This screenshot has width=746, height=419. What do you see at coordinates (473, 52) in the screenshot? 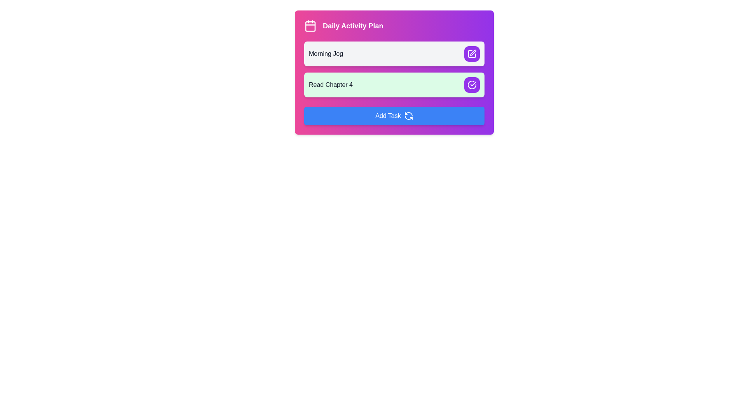
I see `the editing icon button located on the right edge of the 'Morning Jog' task to modify or edit the task` at bounding box center [473, 52].